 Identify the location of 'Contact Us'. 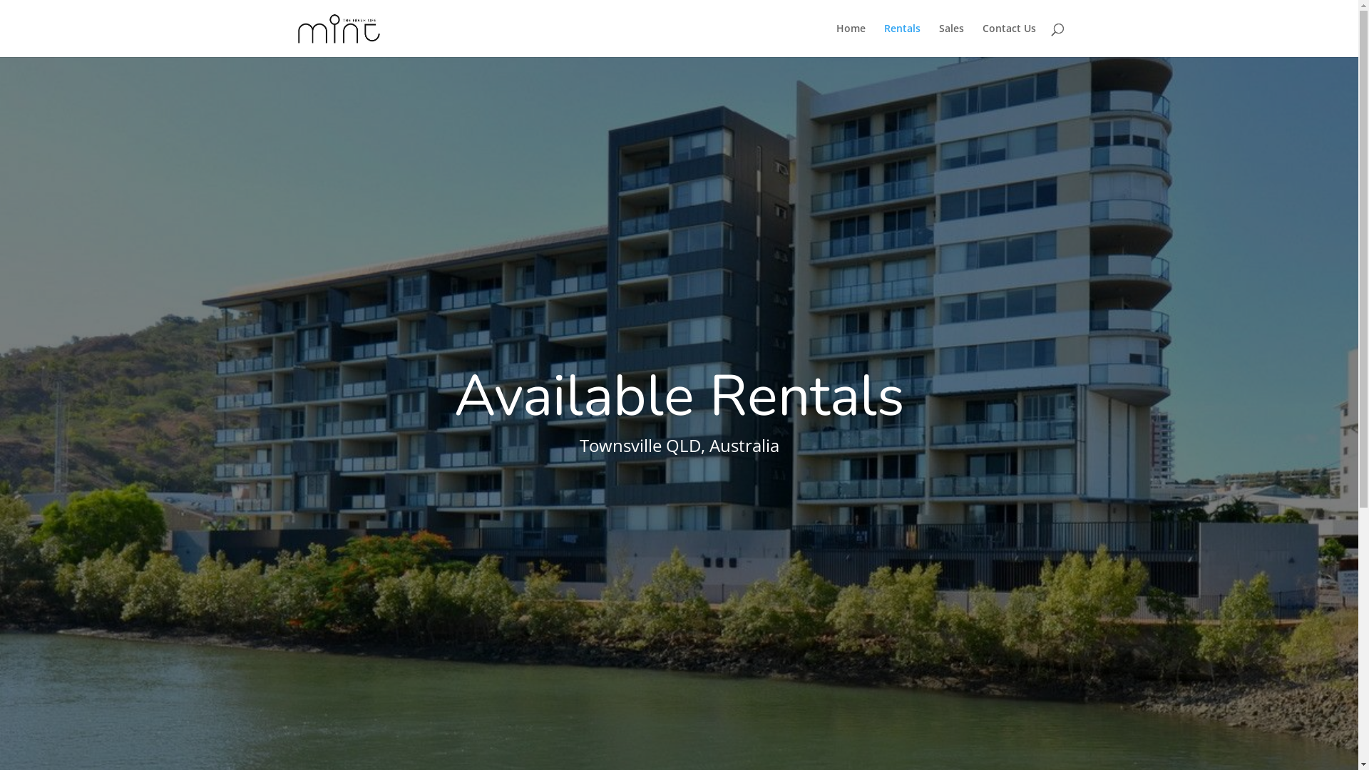
(1008, 39).